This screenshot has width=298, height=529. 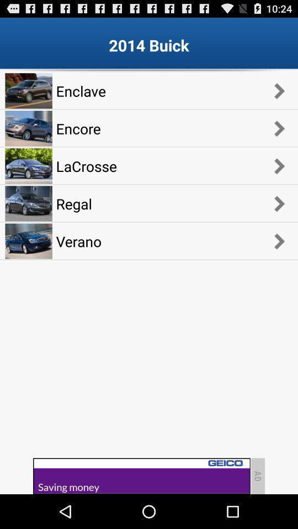 I want to click on the first image on the top, so click(x=29, y=90).